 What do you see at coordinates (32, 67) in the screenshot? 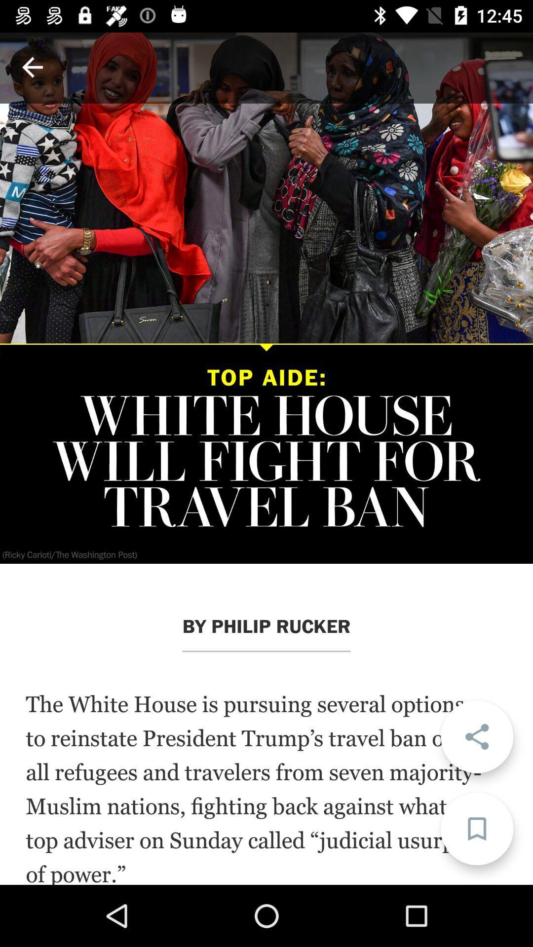
I see `the arrow_backward icon` at bounding box center [32, 67].